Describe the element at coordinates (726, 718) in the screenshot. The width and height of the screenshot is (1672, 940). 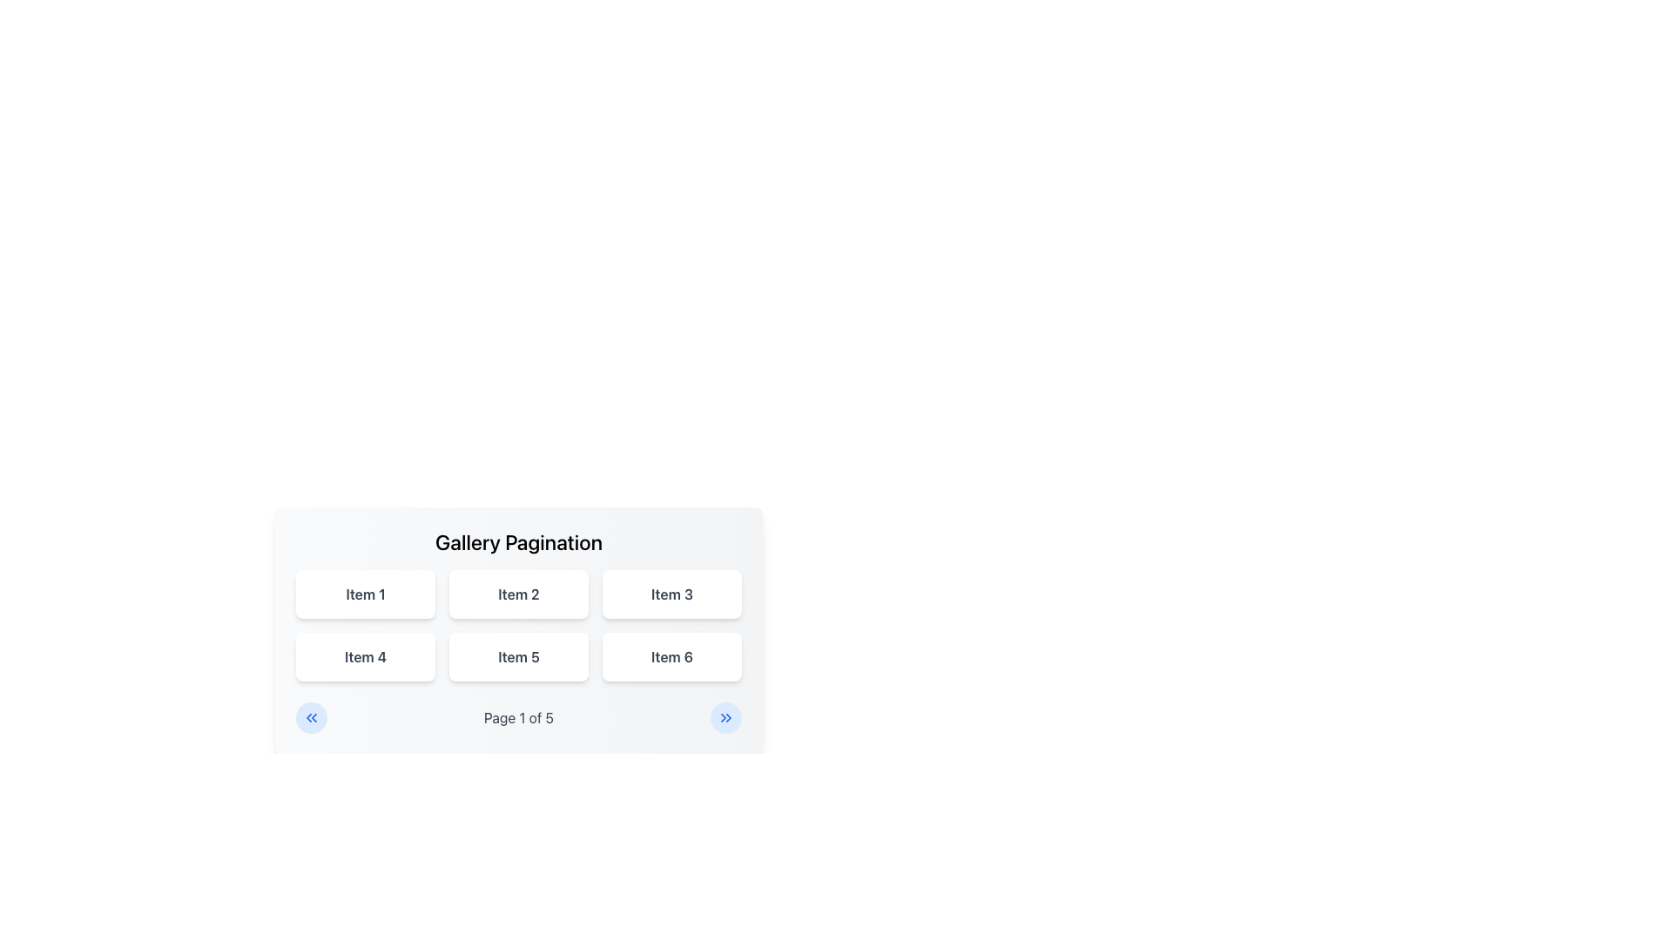
I see `the navigation button located at the far right of the pagination component to go to the next page` at that location.